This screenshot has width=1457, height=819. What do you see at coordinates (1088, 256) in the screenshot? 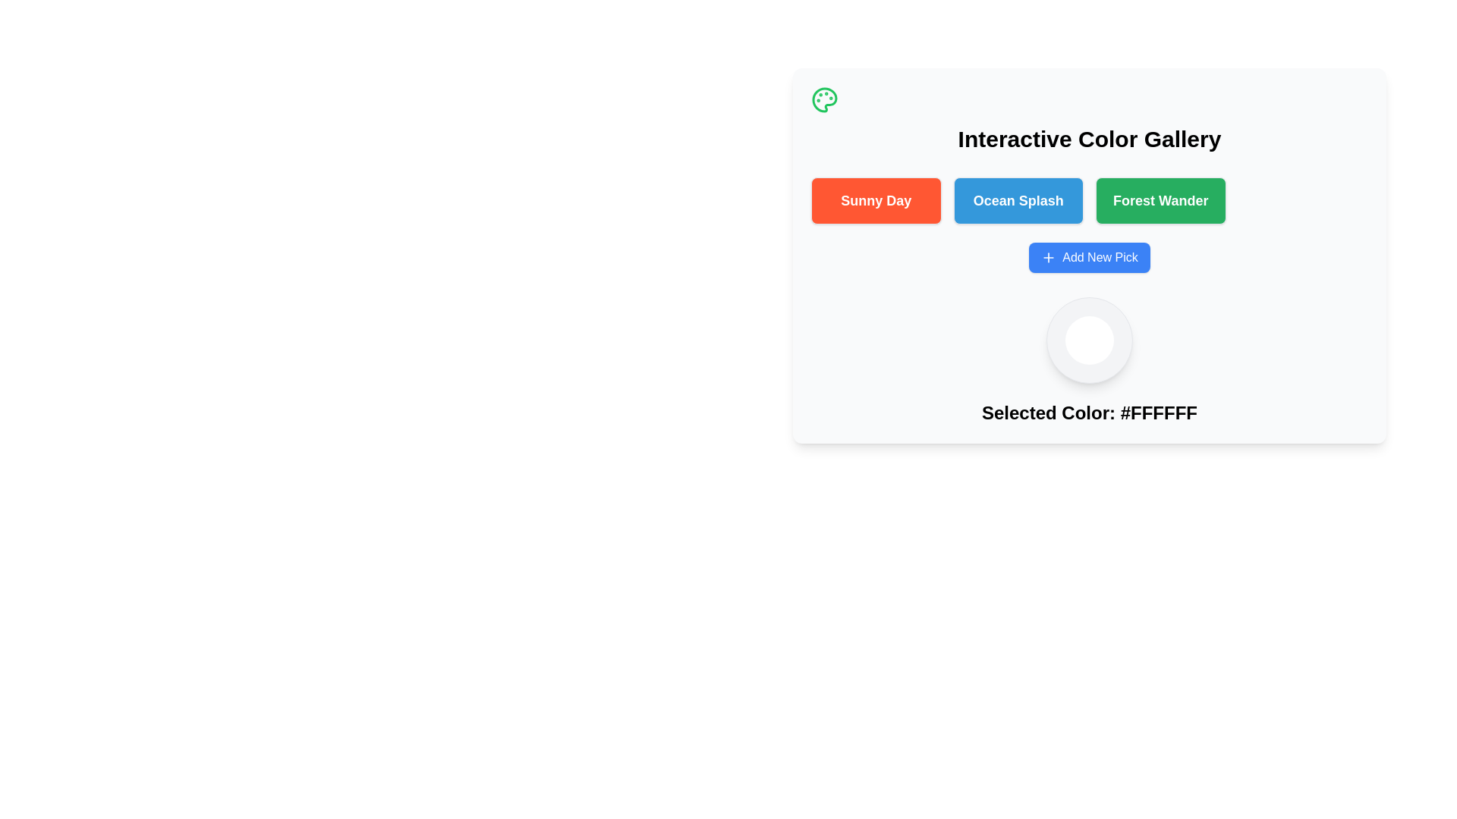
I see `the blue rounded rectangular button labeled 'Add New Pick'` at bounding box center [1088, 256].